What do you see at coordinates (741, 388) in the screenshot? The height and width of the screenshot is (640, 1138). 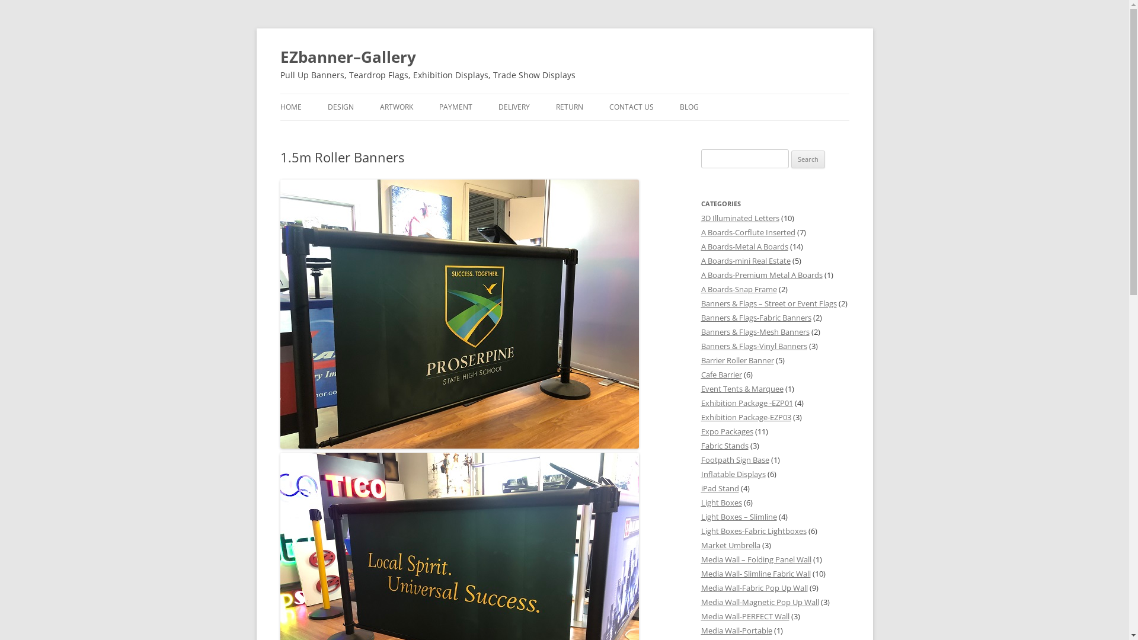 I see `'Event Tents & Marquee'` at bounding box center [741, 388].